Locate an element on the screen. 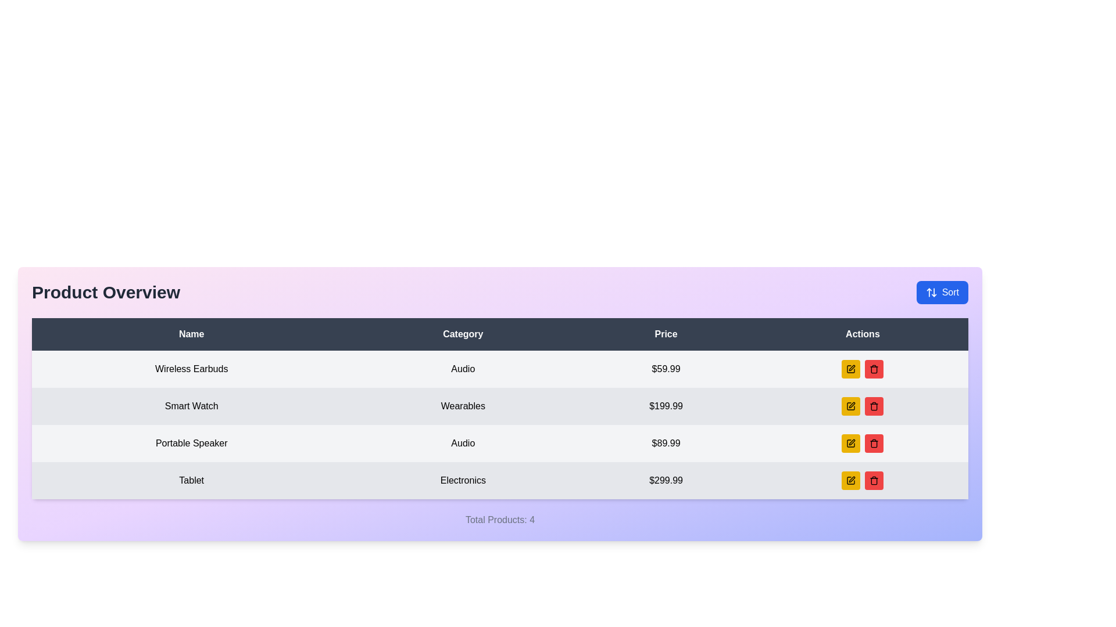  the static text label that indicates the purpose of the fourth column in the table, located at the top-right corner, aligned with the 'Price' header is located at coordinates (863, 334).